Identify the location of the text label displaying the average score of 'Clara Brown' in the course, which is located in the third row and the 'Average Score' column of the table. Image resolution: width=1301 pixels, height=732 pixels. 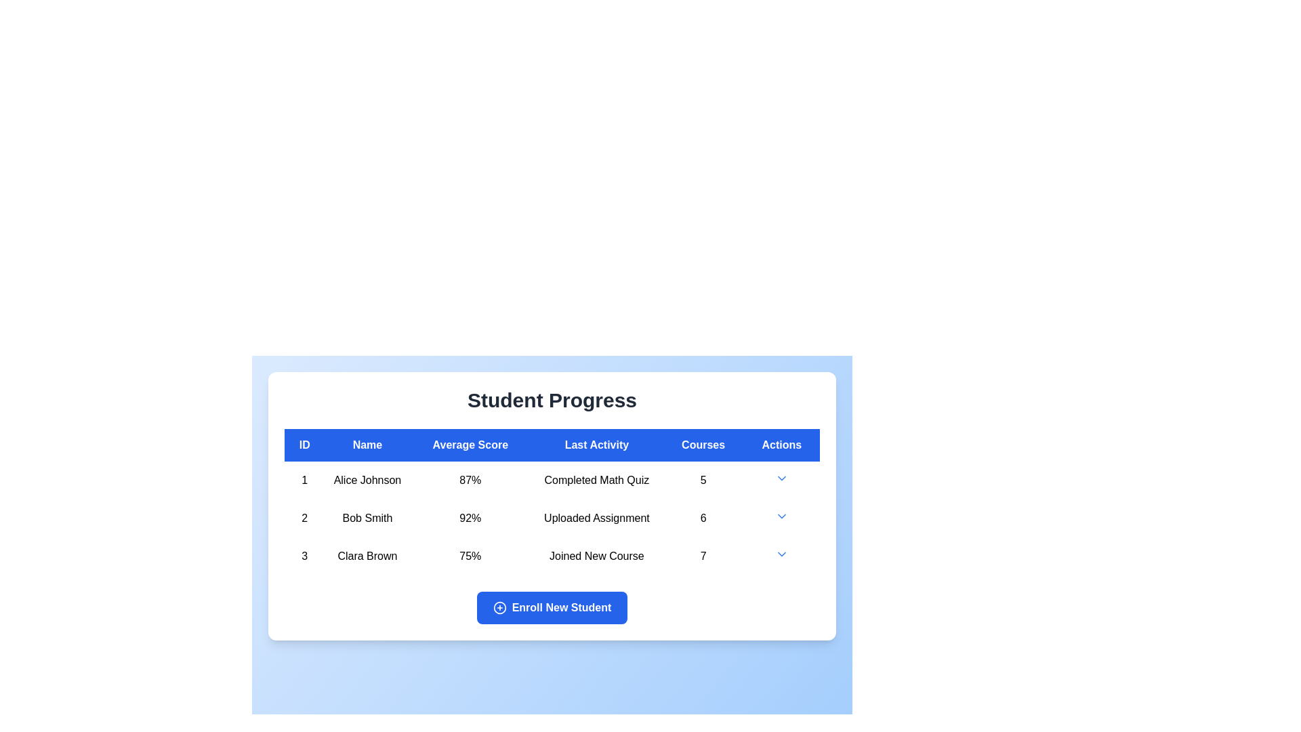
(470, 556).